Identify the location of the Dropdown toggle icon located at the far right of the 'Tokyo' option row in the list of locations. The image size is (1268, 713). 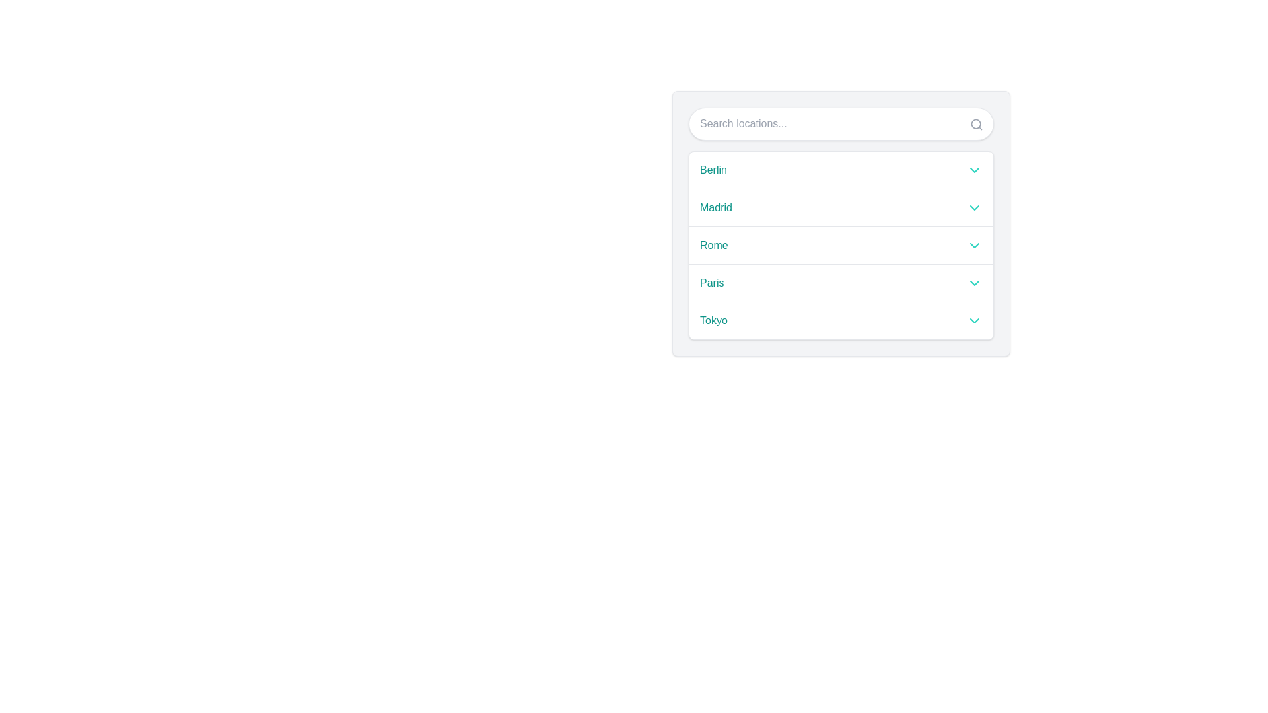
(975, 321).